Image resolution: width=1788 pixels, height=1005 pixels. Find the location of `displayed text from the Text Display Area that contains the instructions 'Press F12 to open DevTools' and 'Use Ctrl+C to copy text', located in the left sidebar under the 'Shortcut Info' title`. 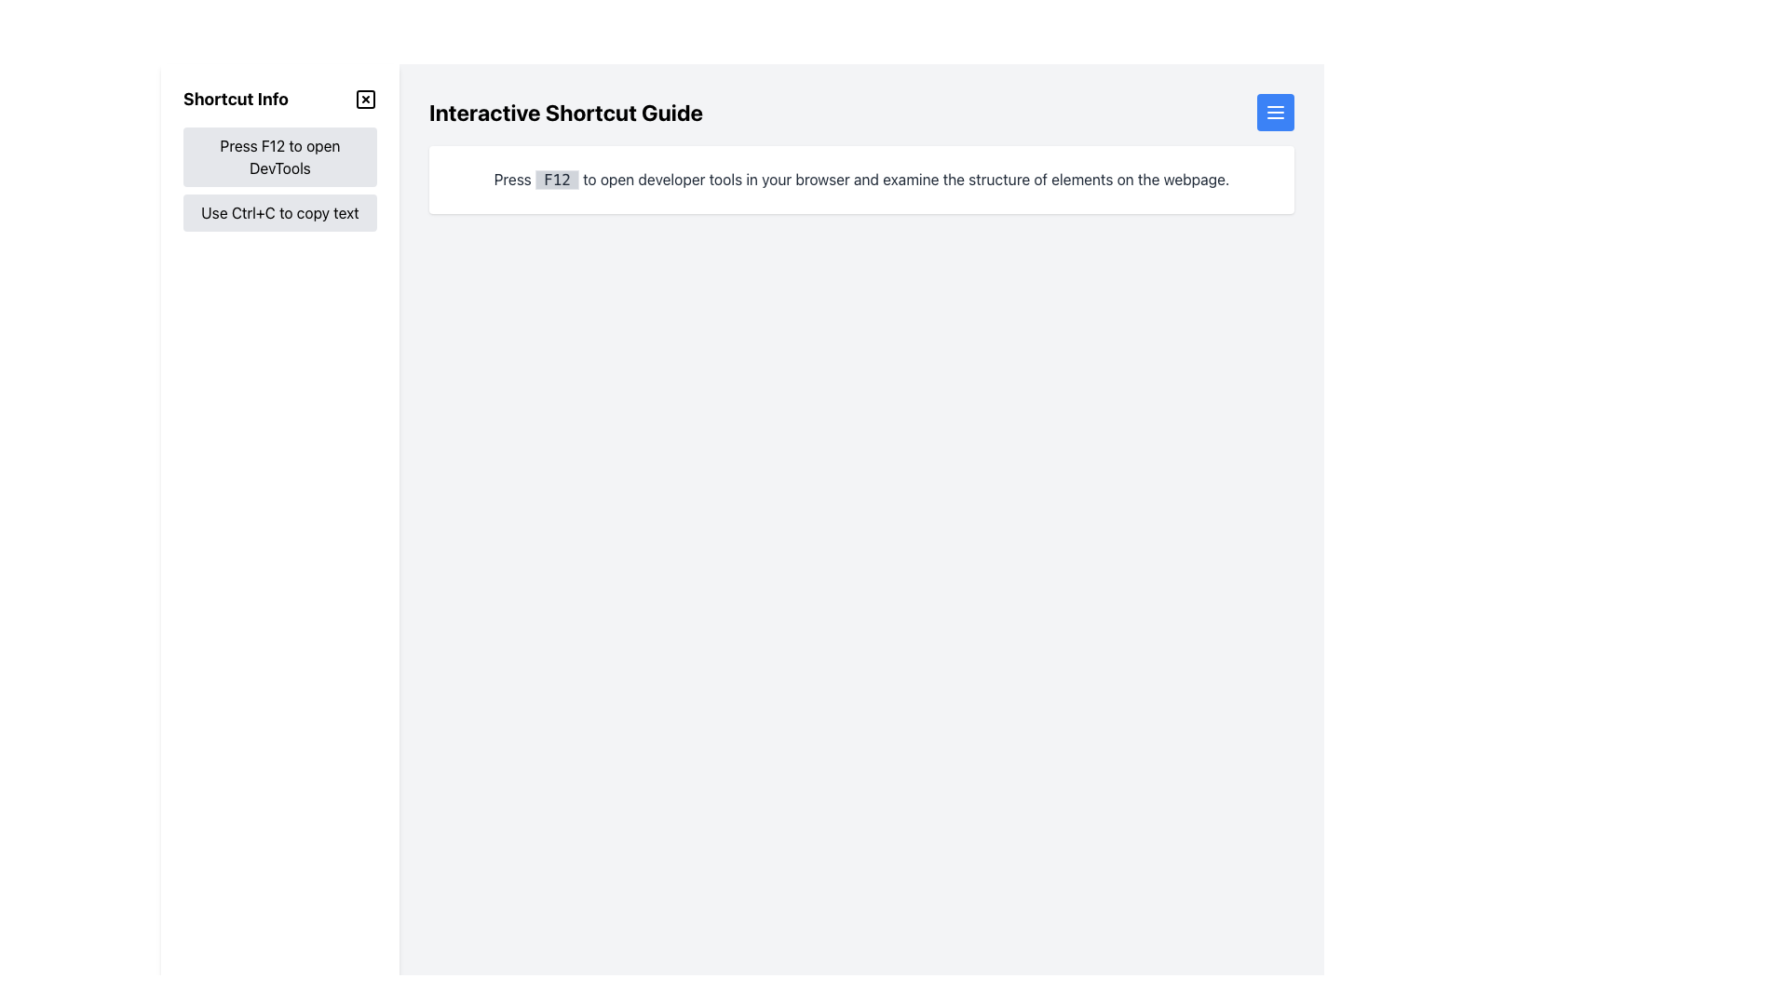

displayed text from the Text Display Area that contains the instructions 'Press F12 to open DevTools' and 'Use Ctrl+C to copy text', located in the left sidebar under the 'Shortcut Info' title is located at coordinates (279, 179).